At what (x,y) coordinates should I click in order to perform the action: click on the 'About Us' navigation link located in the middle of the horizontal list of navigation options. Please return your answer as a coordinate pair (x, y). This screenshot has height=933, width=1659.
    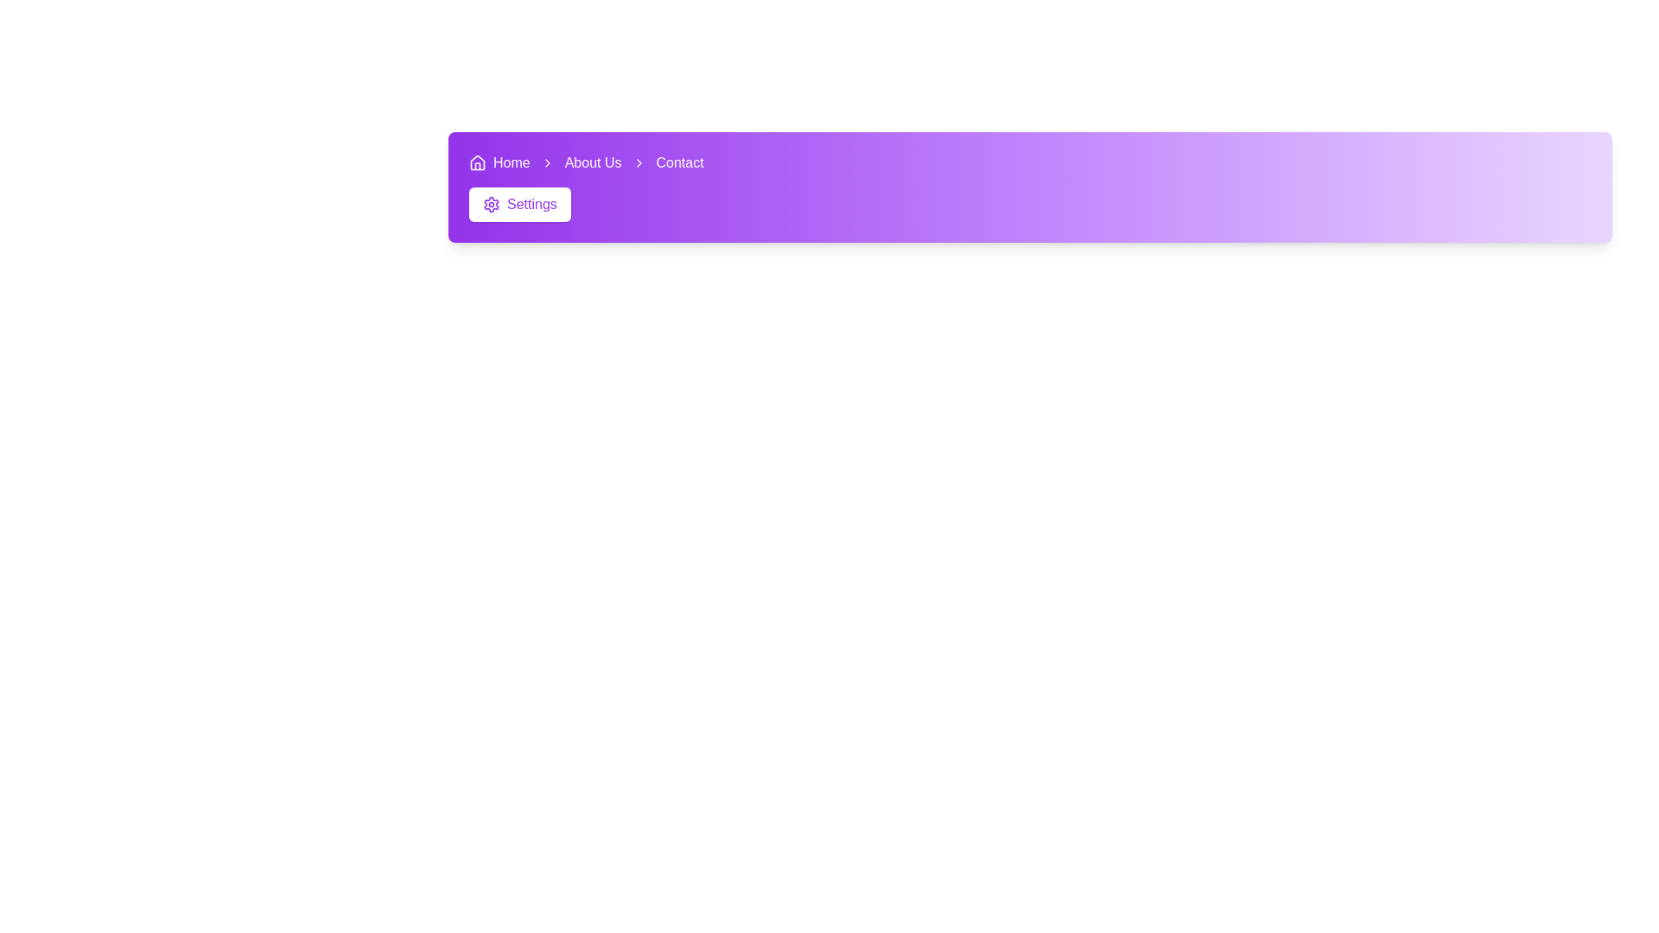
    Looking at the image, I should click on (593, 163).